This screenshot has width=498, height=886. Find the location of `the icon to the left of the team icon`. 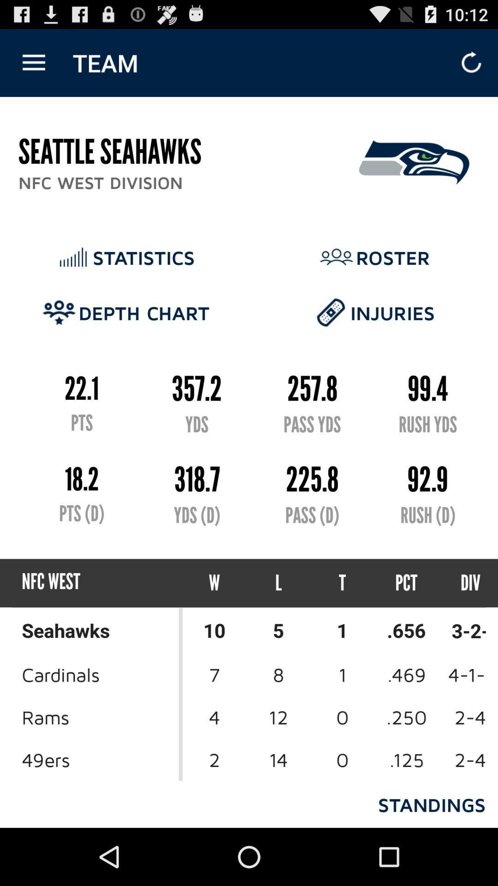

the icon to the left of the team icon is located at coordinates (33, 62).